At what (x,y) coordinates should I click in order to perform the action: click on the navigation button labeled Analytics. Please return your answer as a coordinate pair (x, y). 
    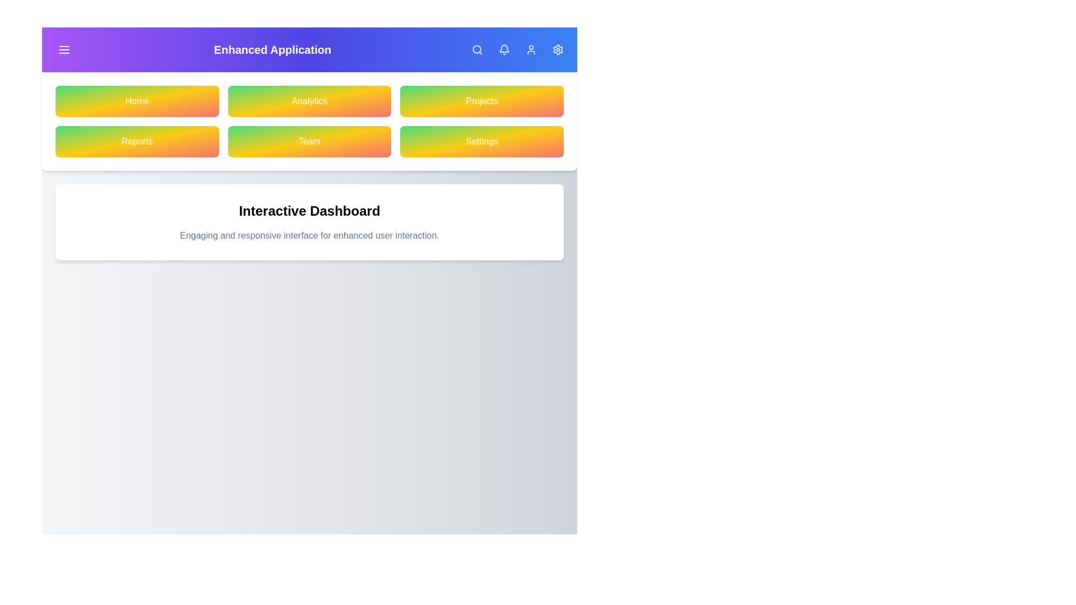
    Looking at the image, I should click on (309, 101).